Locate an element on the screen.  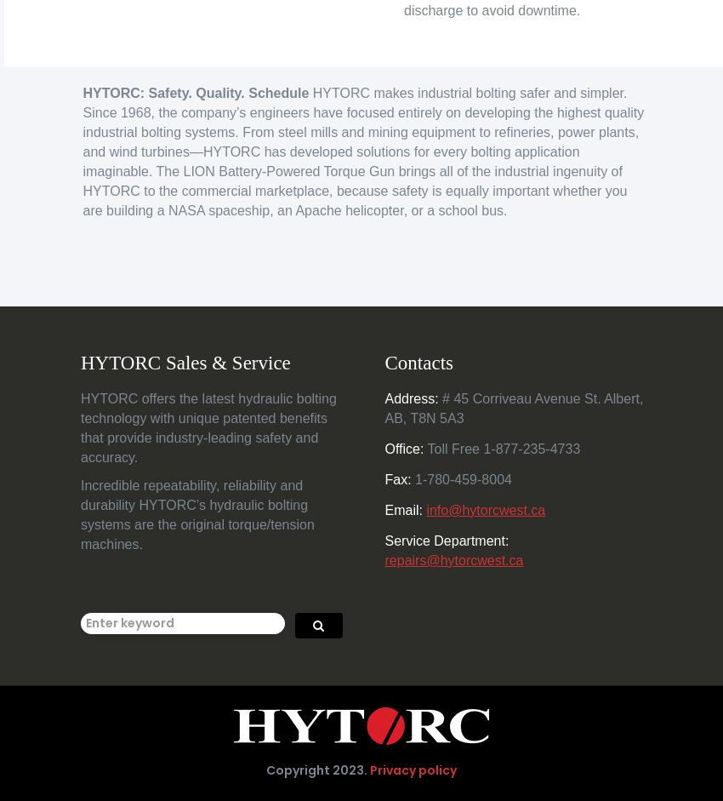
'Email:' is located at coordinates (402, 508).